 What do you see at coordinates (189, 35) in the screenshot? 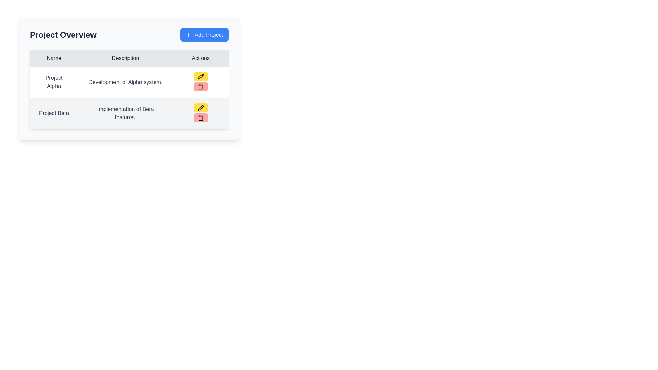
I see `the addition icon located within the blue 'Add Project' button at the top-right corner of the 'Project Overview' panel` at bounding box center [189, 35].